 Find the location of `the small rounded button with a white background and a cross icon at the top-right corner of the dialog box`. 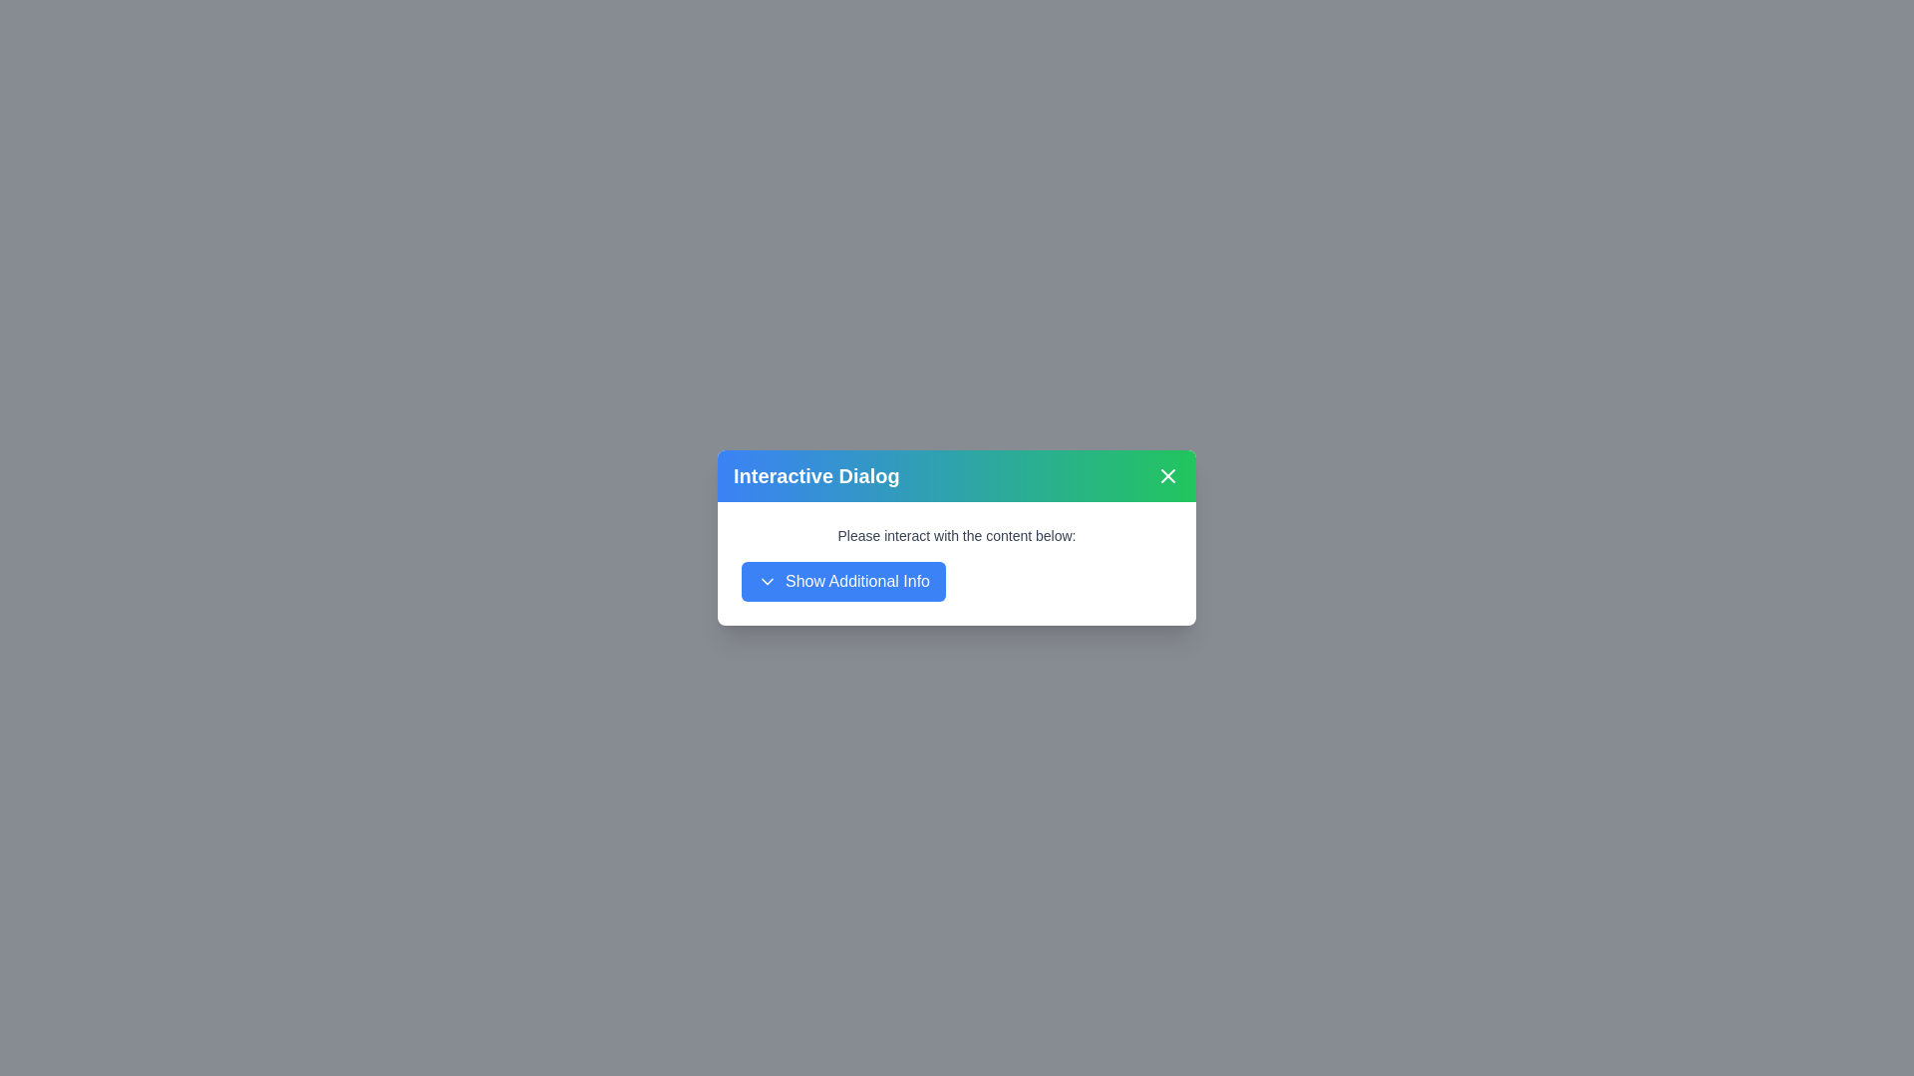

the small rounded button with a white background and a cross icon at the top-right corner of the dialog box is located at coordinates (1167, 476).